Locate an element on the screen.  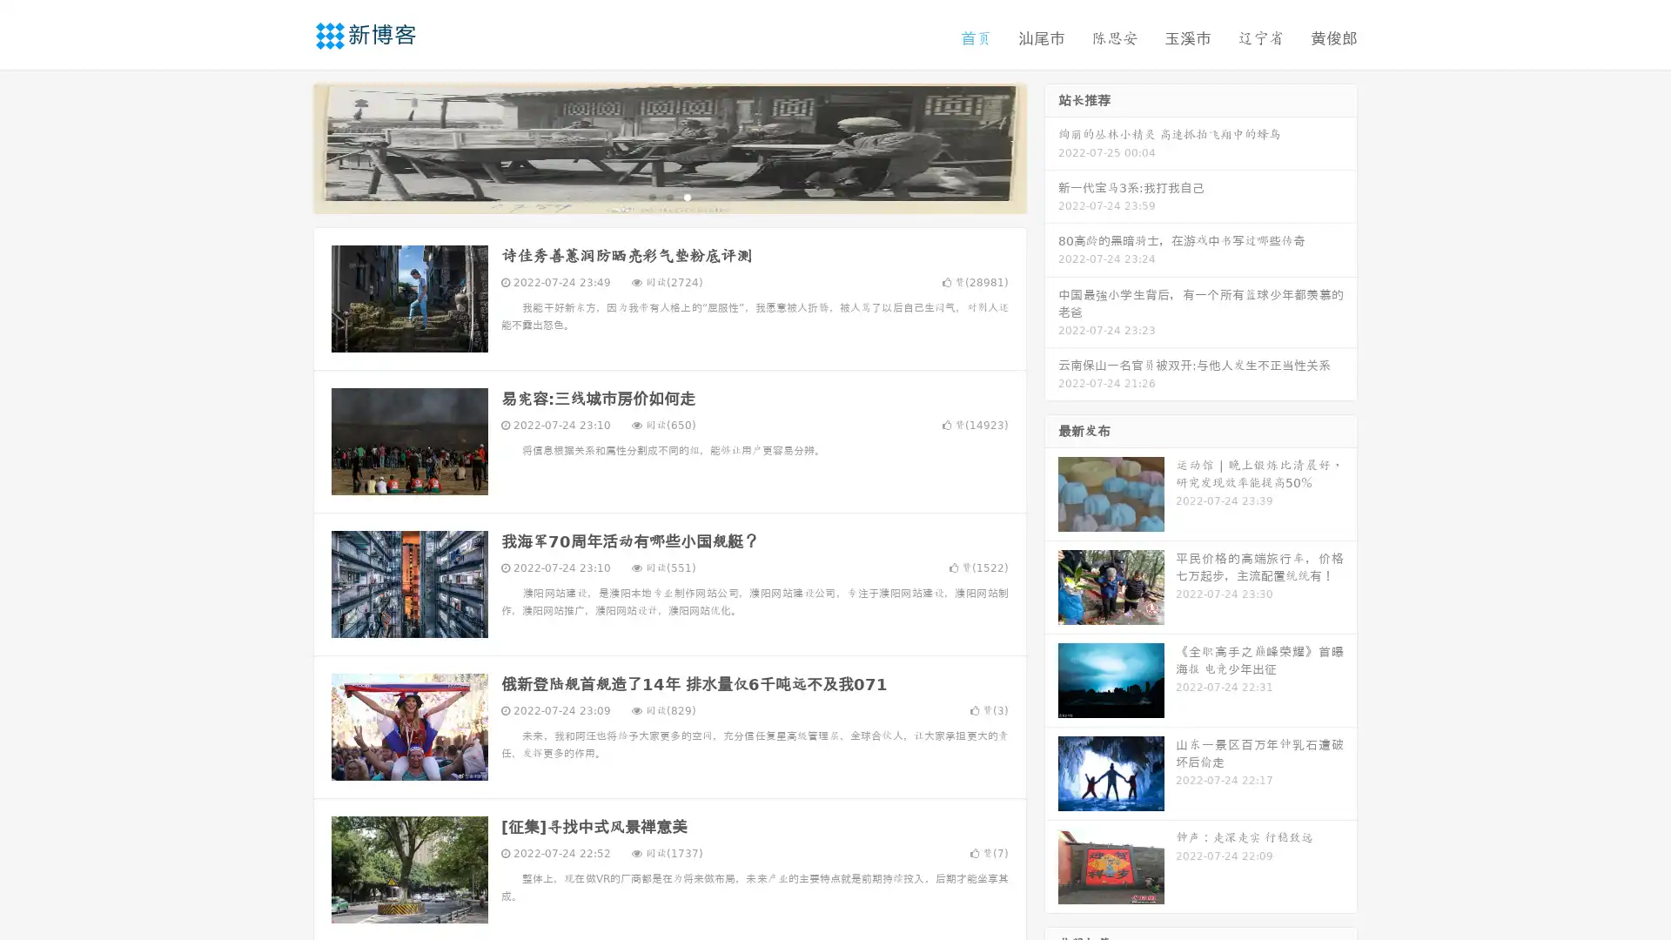
Go to slide 3 is located at coordinates (687, 196).